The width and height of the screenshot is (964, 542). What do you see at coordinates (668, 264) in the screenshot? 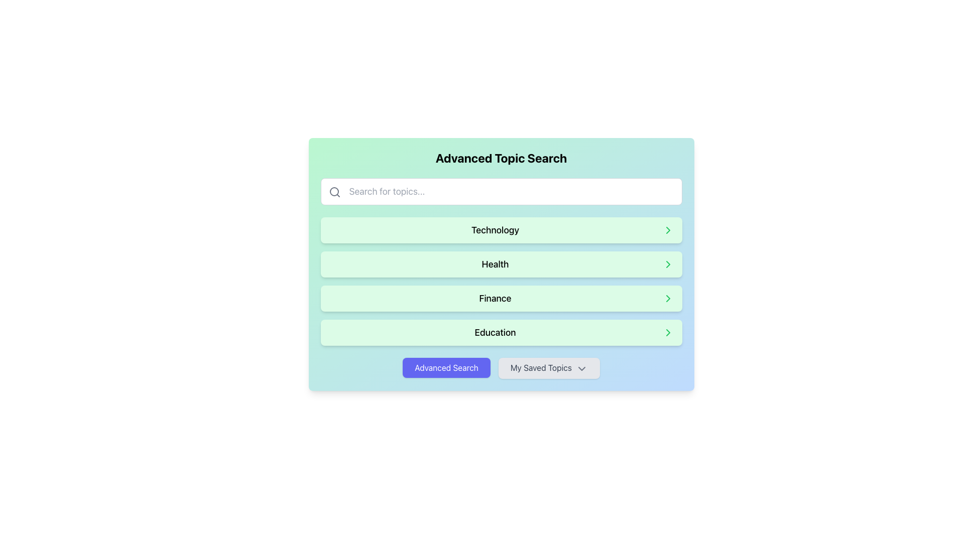
I see `the green rounded arrow icon pointing to the right, which is the fourth icon from the top-right of the list items aligned with the 'Health' label to interact with the associated row` at bounding box center [668, 264].